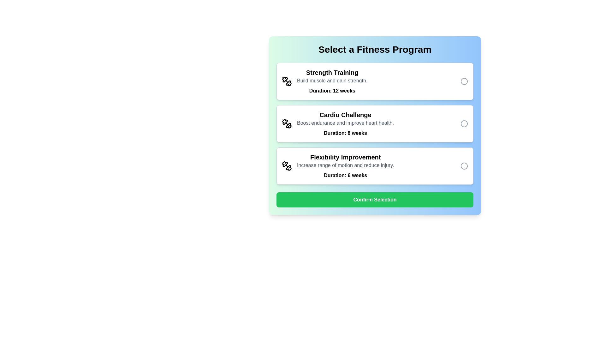 The width and height of the screenshot is (606, 341). What do you see at coordinates (332, 91) in the screenshot?
I see `static text label that displays 'Duration: 12 weeks', located beneath the subtitle 'Build muscle and gain strength.' in the 'Strength Training' card` at bounding box center [332, 91].